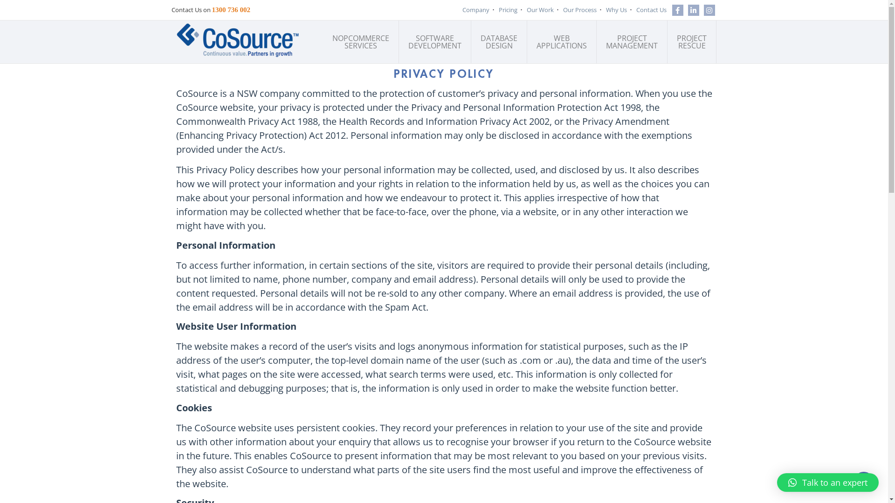  What do you see at coordinates (651, 10) in the screenshot?
I see `'Contact Us'` at bounding box center [651, 10].